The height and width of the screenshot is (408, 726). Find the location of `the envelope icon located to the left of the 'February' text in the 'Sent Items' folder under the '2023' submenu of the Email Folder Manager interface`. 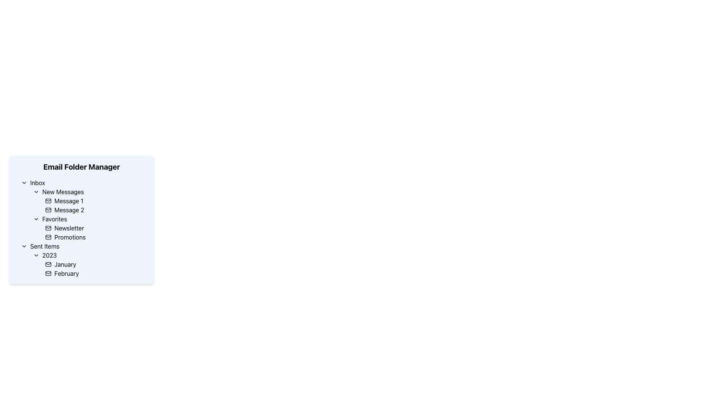

the envelope icon located to the left of the 'February' text in the 'Sent Items' folder under the '2023' submenu of the Email Folder Manager interface is located at coordinates (48, 274).